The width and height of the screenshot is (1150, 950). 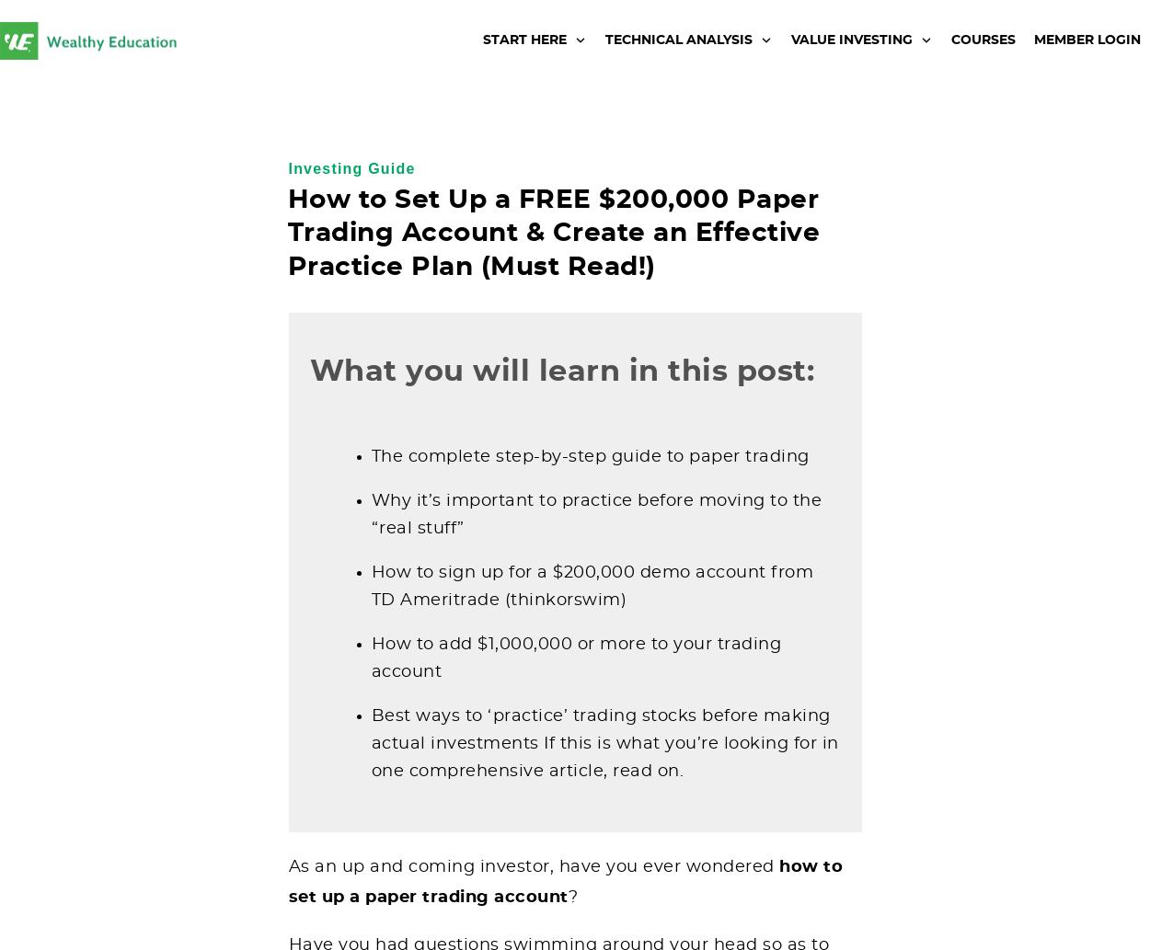 What do you see at coordinates (351, 167) in the screenshot?
I see `'Investing Guide'` at bounding box center [351, 167].